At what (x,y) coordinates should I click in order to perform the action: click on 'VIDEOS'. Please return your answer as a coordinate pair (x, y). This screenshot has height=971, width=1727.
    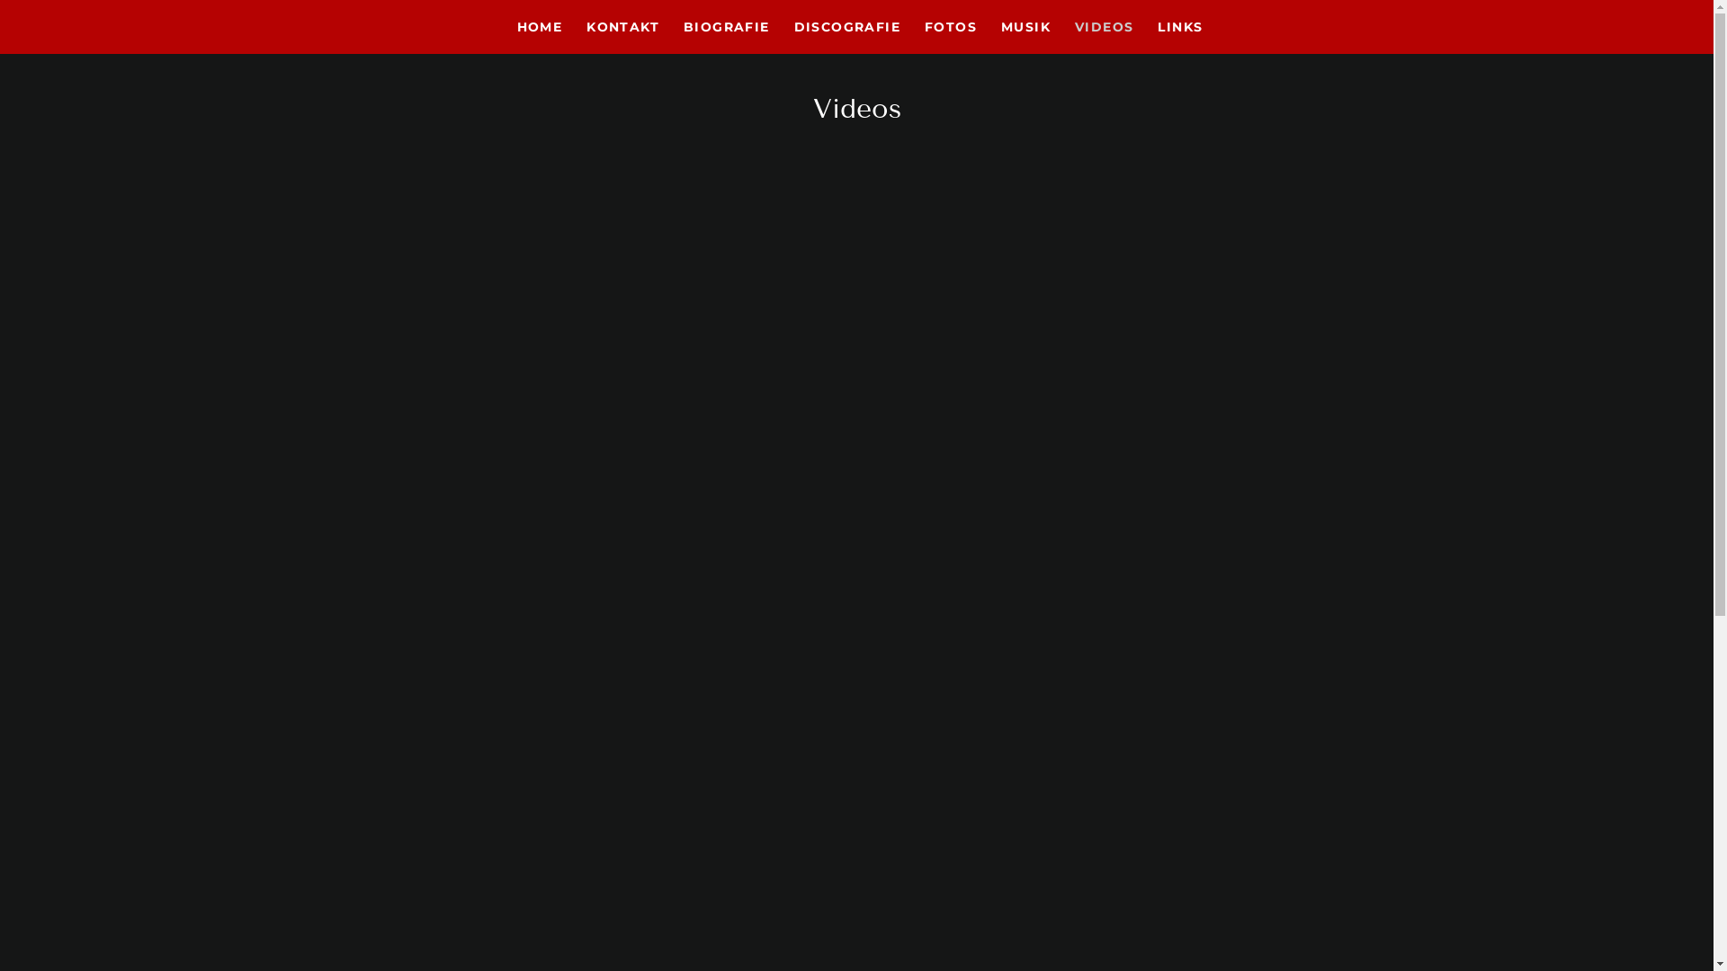
    Looking at the image, I should click on (1100, 27).